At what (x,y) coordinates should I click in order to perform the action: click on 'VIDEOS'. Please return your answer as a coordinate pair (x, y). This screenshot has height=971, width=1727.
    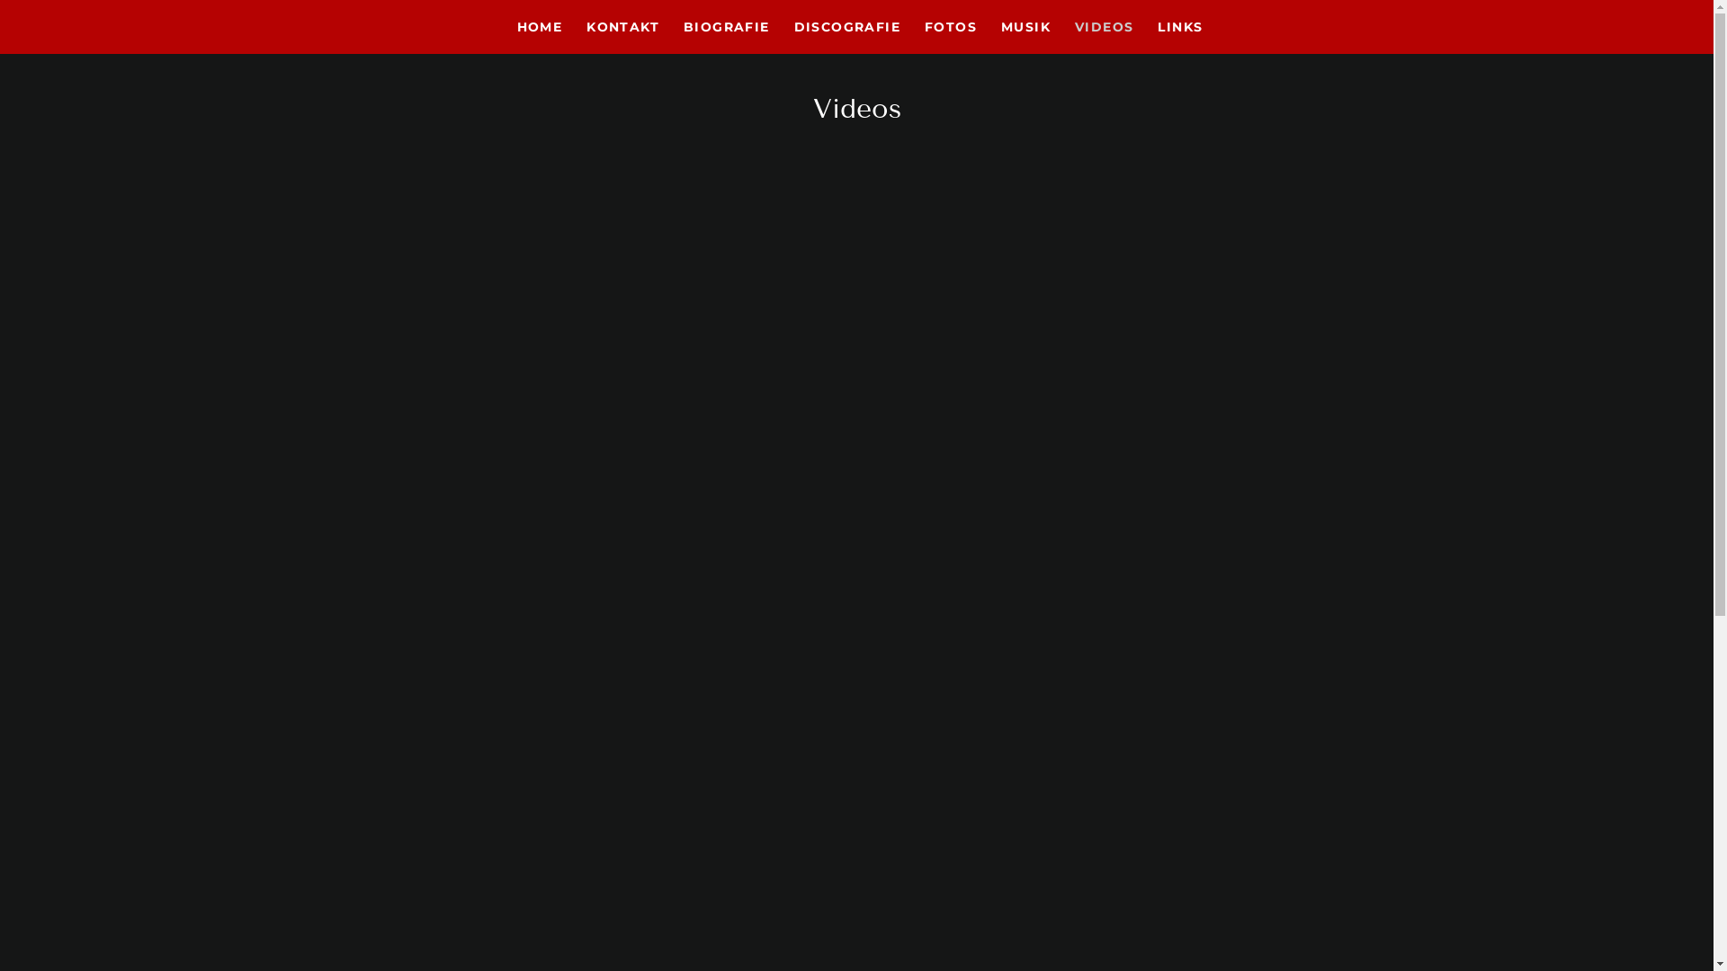
    Looking at the image, I should click on (1100, 27).